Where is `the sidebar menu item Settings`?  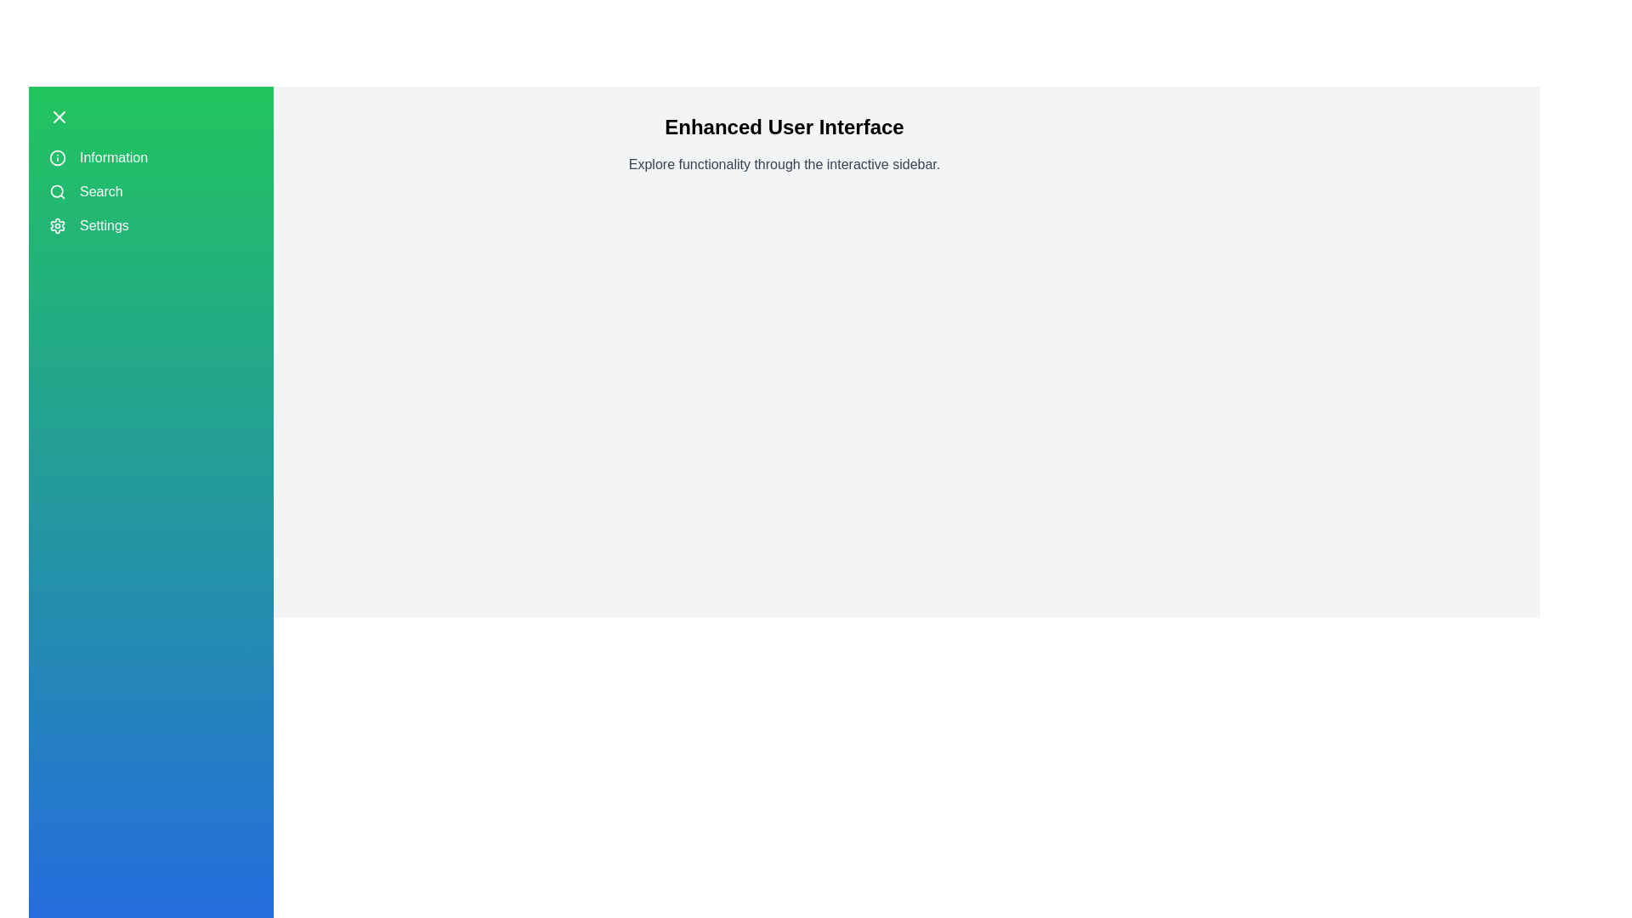 the sidebar menu item Settings is located at coordinates (150, 225).